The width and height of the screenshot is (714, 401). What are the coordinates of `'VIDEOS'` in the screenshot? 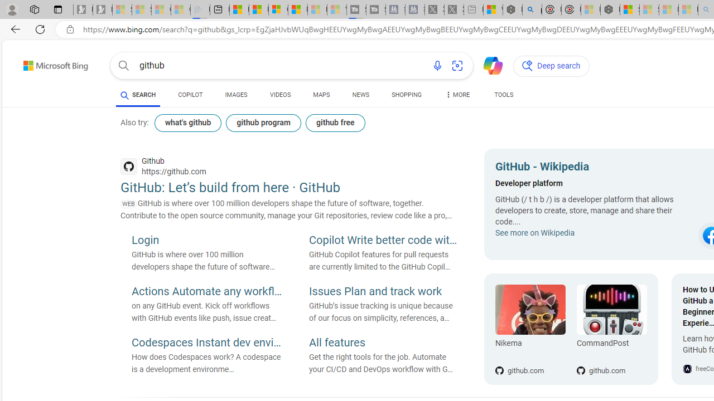 It's located at (280, 95).